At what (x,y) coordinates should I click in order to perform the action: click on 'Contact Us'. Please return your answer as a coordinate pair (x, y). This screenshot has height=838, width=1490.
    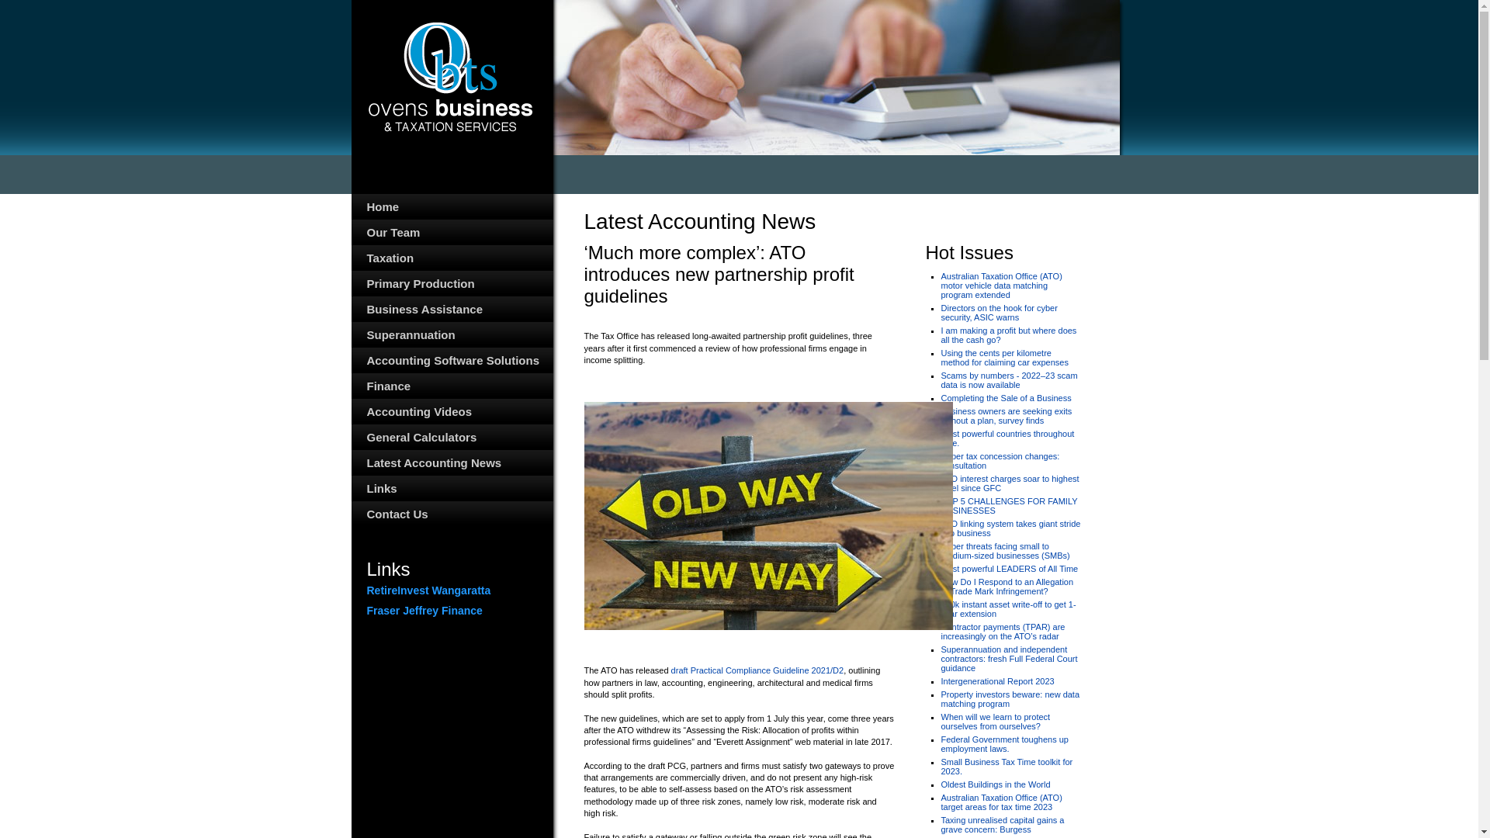
    Looking at the image, I should click on (450, 514).